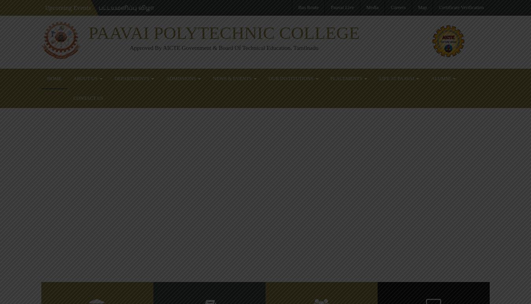  I want to click on 'Republic Day’23', so click(381, 142).